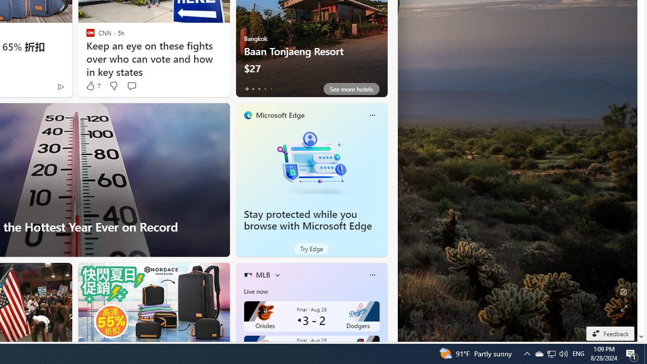  Describe the element at coordinates (93, 85) in the screenshot. I see `'7 Like'` at that location.